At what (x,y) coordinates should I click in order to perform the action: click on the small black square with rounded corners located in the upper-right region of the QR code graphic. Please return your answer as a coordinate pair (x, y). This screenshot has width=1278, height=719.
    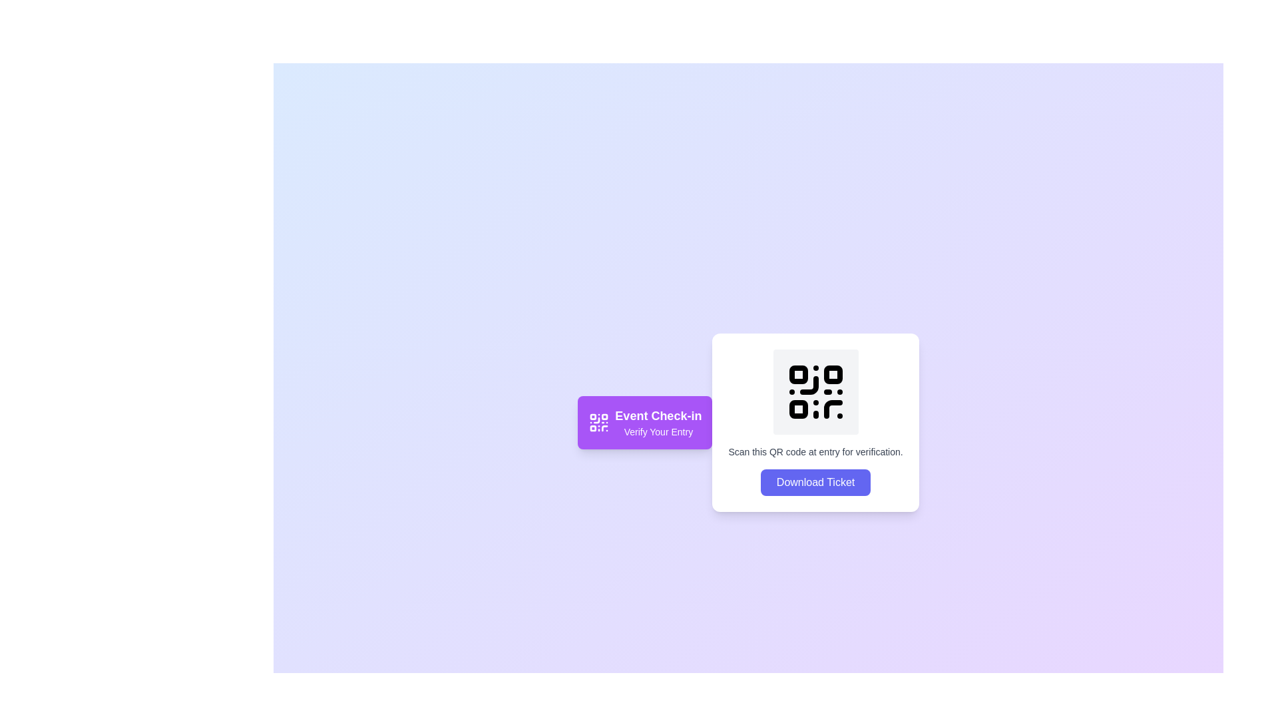
    Looking at the image, I should click on (832, 375).